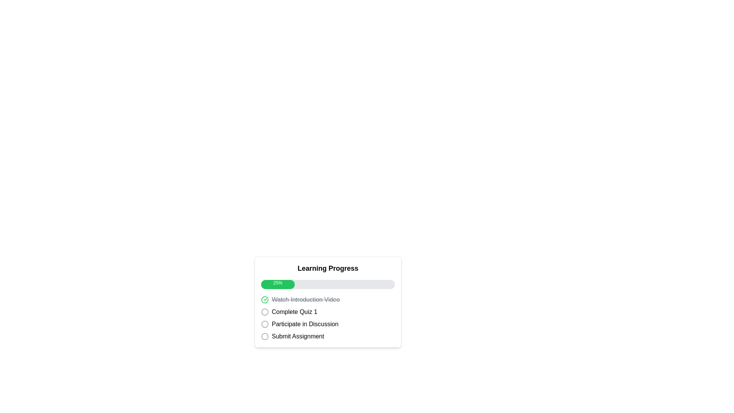 The image size is (734, 413). What do you see at coordinates (265, 312) in the screenshot?
I see `the status icon indicating 'incomplete' for the task 'Complete Quiz 1' in the 'Learning Progress' section` at bounding box center [265, 312].